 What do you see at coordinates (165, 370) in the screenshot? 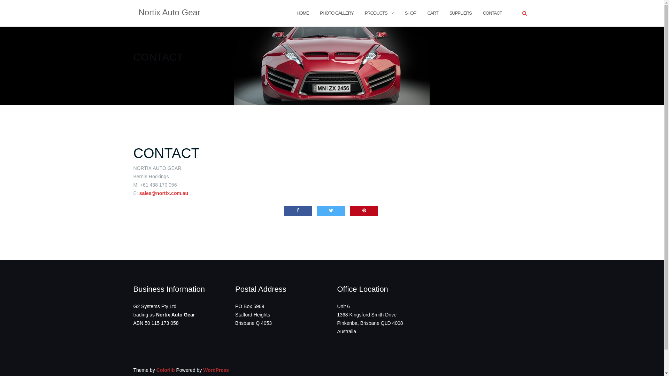
I see `'Colorlib'` at bounding box center [165, 370].